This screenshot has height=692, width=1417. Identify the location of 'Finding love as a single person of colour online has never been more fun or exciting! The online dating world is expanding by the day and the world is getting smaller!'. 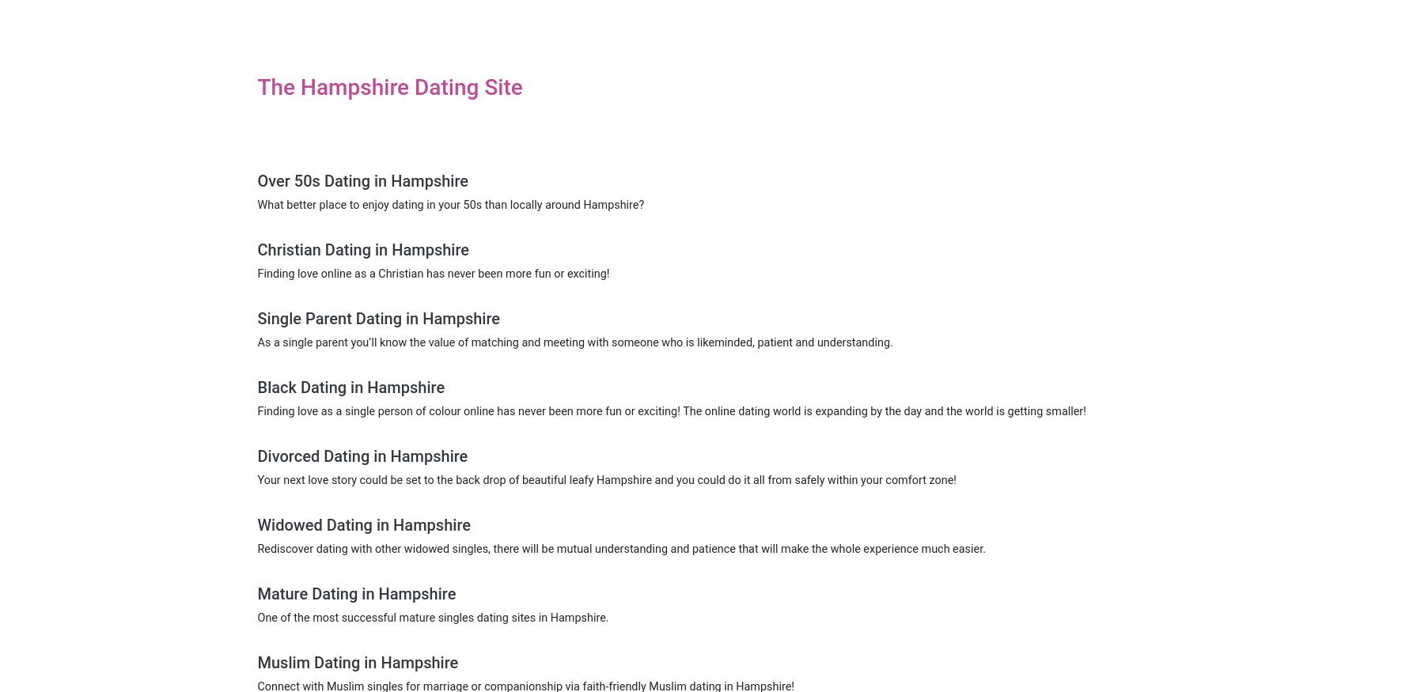
(671, 410).